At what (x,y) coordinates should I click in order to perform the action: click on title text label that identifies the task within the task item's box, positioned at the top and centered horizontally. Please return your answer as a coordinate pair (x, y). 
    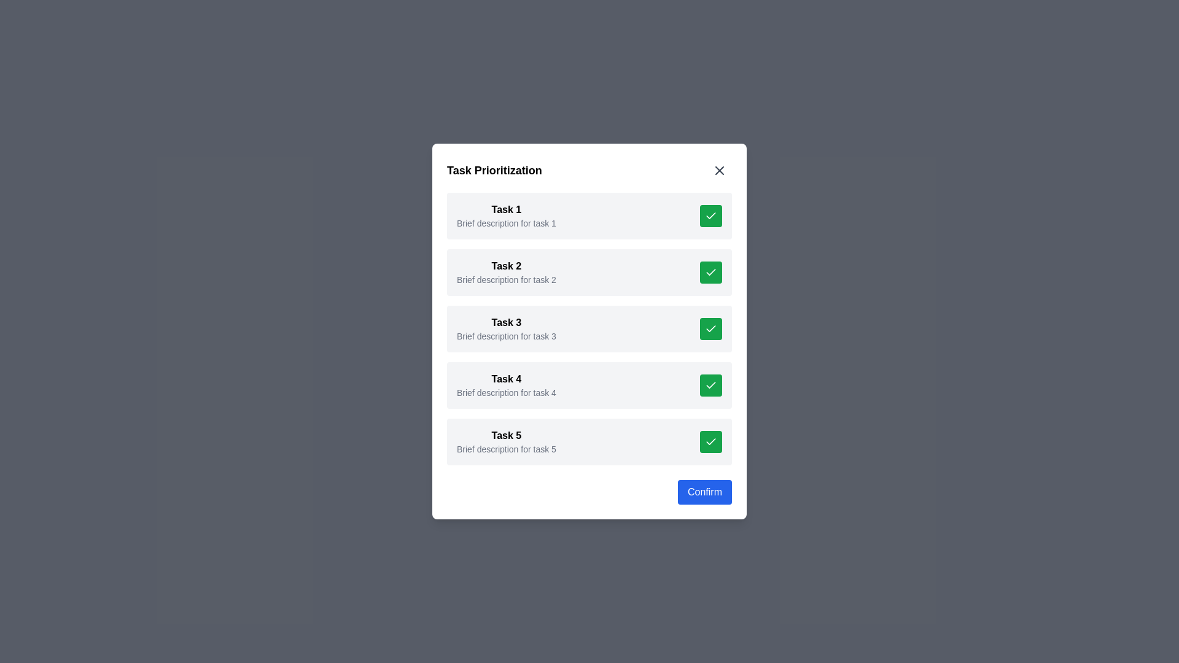
    Looking at the image, I should click on (507, 266).